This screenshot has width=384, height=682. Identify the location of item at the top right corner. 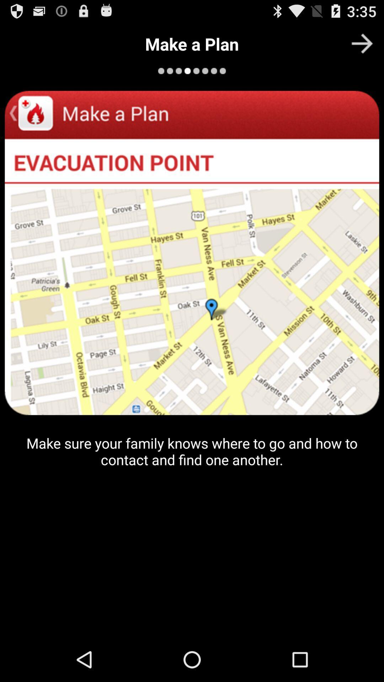
(362, 43).